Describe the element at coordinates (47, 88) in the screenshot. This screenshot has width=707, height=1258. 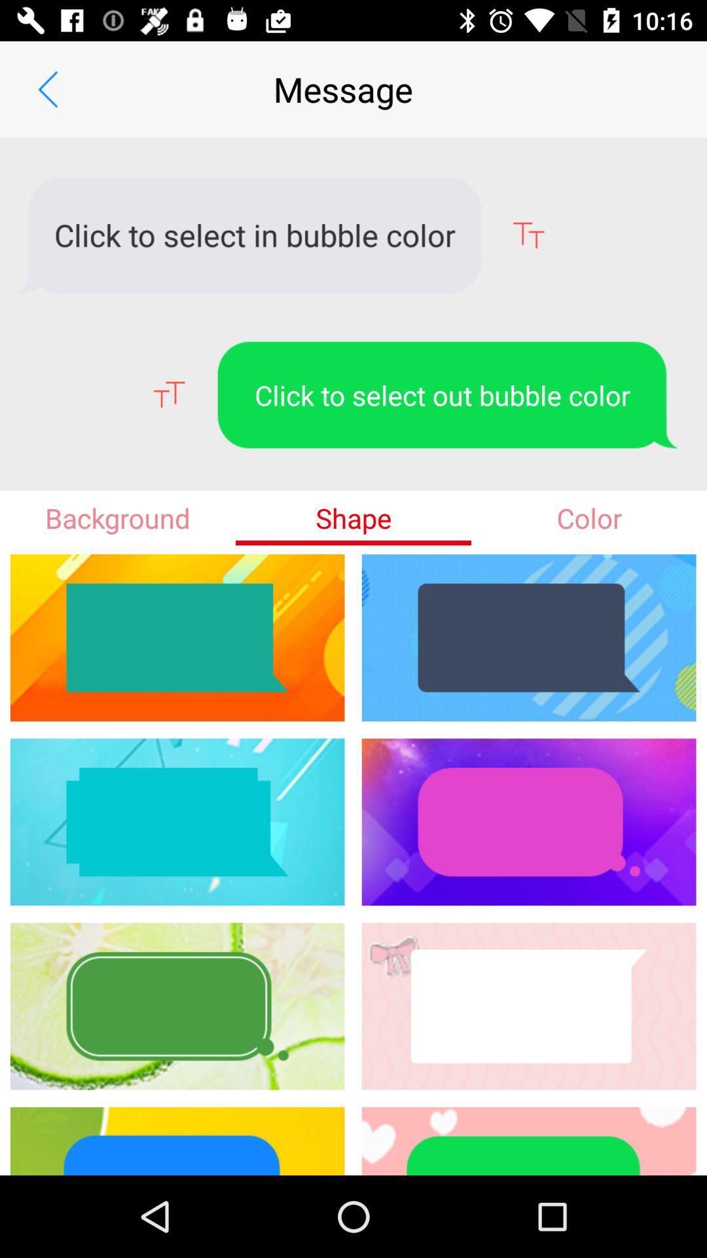
I see `the item to the left of message` at that location.